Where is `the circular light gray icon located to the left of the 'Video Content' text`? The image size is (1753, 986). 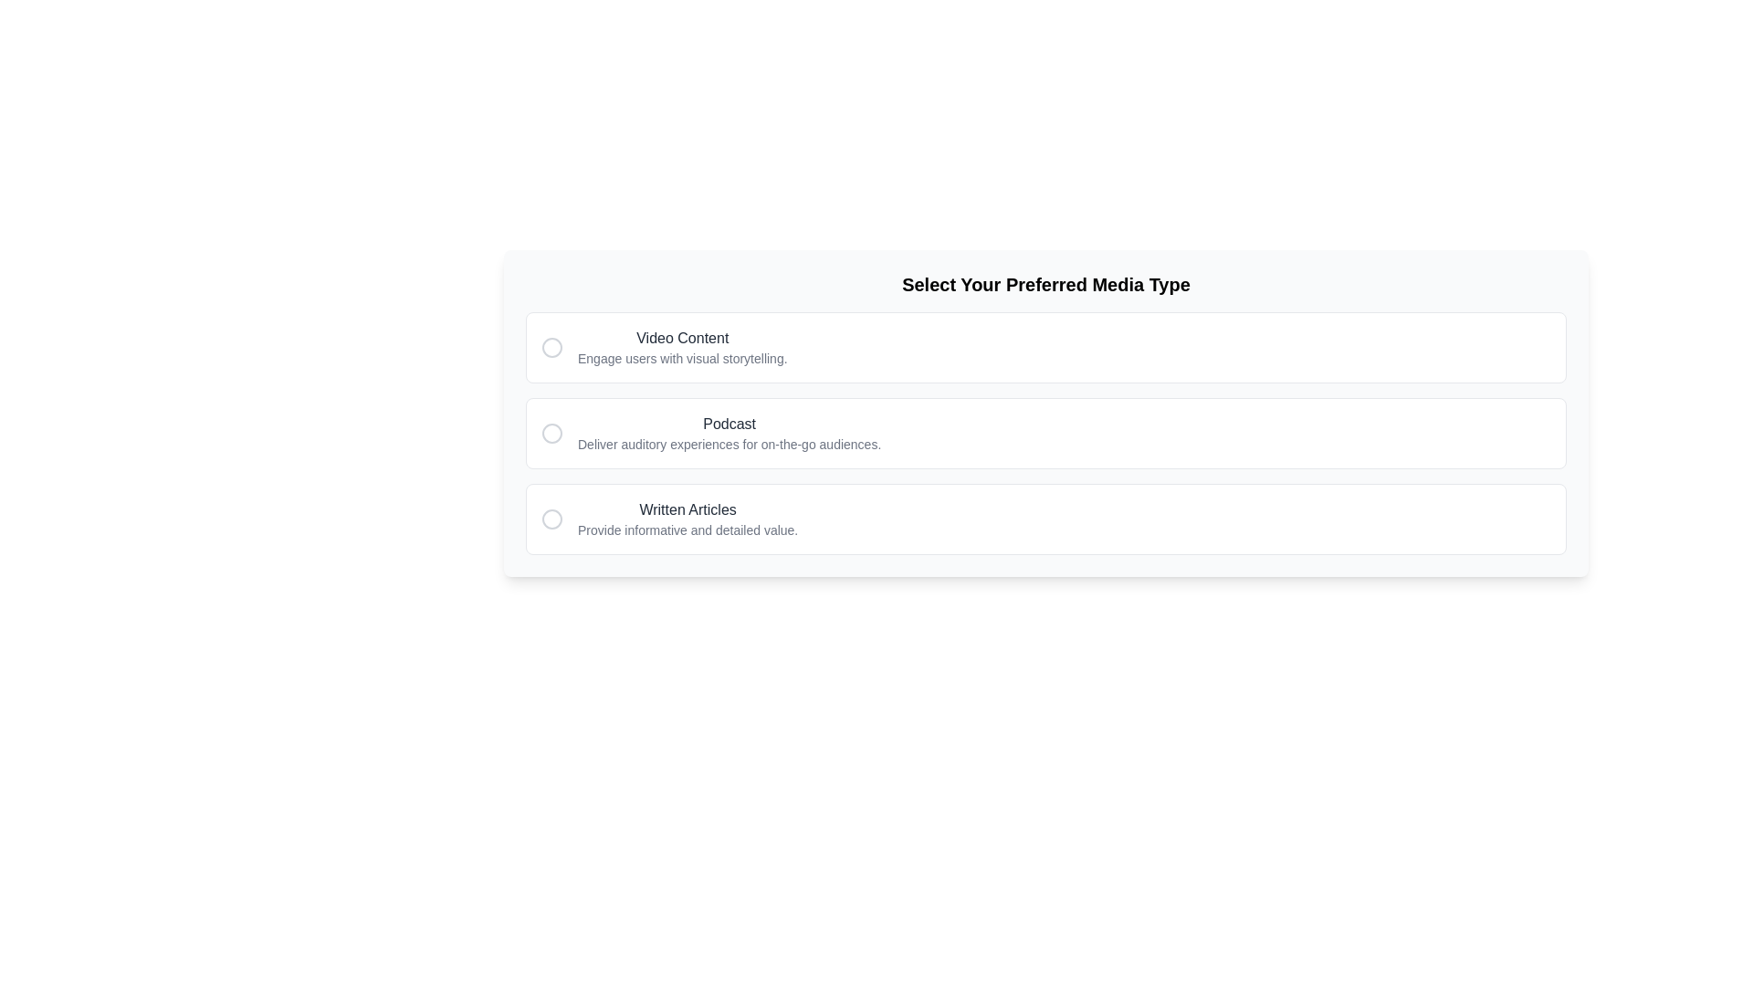 the circular light gray icon located to the left of the 'Video Content' text is located at coordinates (551, 348).